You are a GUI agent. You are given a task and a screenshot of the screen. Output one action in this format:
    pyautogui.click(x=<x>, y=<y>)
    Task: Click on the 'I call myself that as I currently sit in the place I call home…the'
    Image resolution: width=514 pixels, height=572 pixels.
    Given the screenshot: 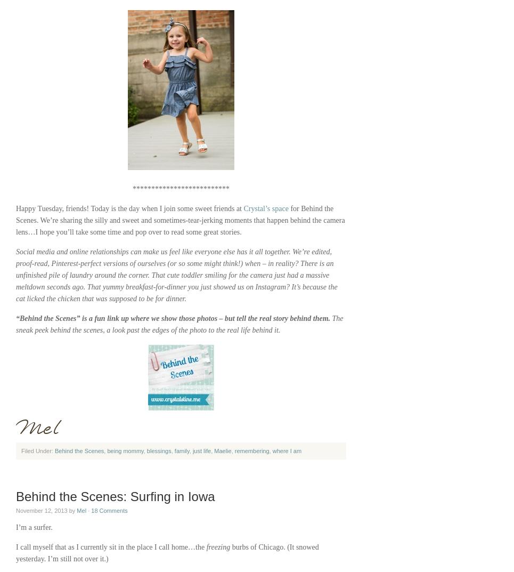 What is the action you would take?
    pyautogui.click(x=111, y=547)
    